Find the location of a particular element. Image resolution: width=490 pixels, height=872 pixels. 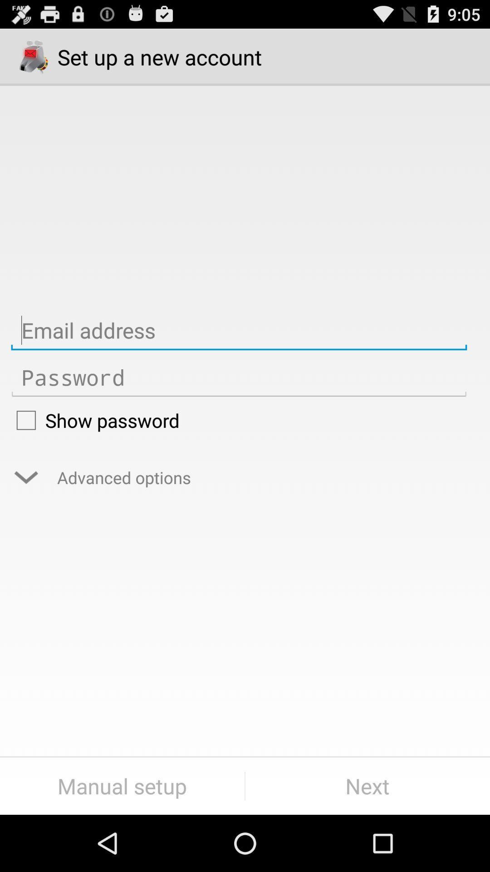

button to the right of the manual setup item is located at coordinates (367, 786).